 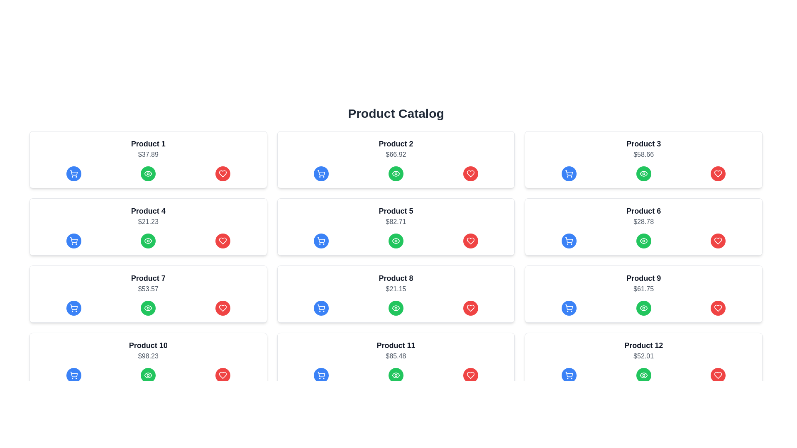 I want to click on the text label displaying 'Product 4' in bold, large dark gray font on a light background, located in the center of the second card in the second row of a 3x4 product grid, so click(x=148, y=211).